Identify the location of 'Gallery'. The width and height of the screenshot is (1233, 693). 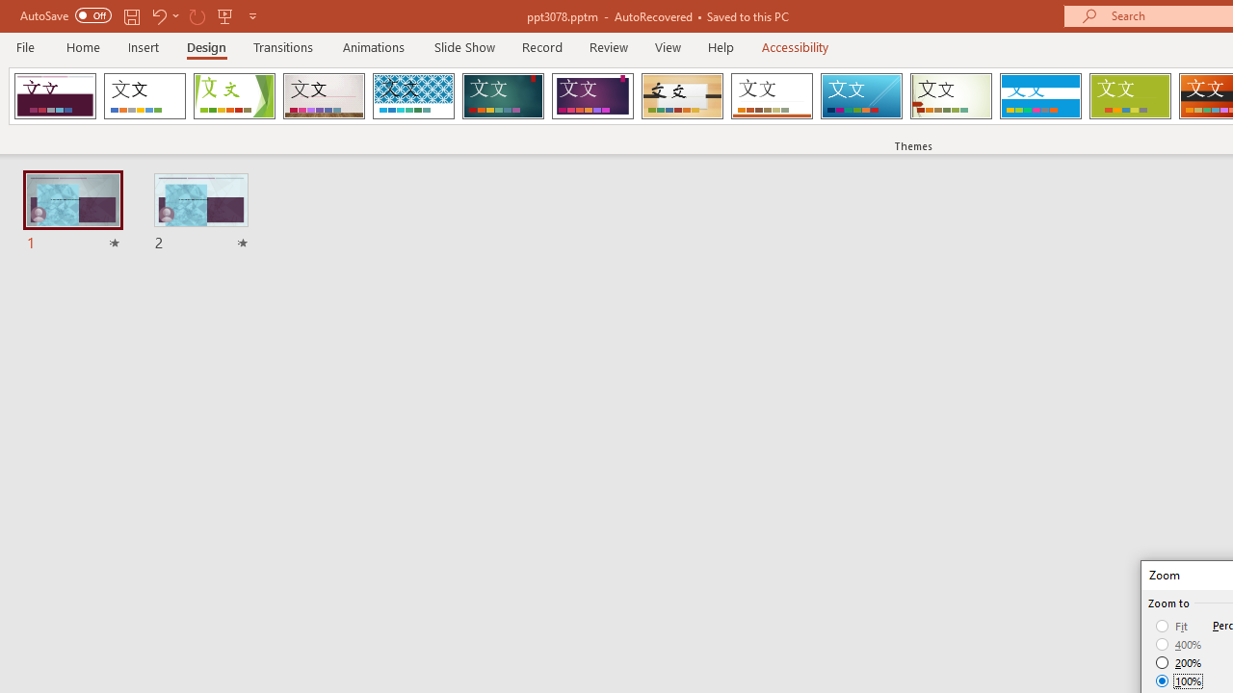
(324, 96).